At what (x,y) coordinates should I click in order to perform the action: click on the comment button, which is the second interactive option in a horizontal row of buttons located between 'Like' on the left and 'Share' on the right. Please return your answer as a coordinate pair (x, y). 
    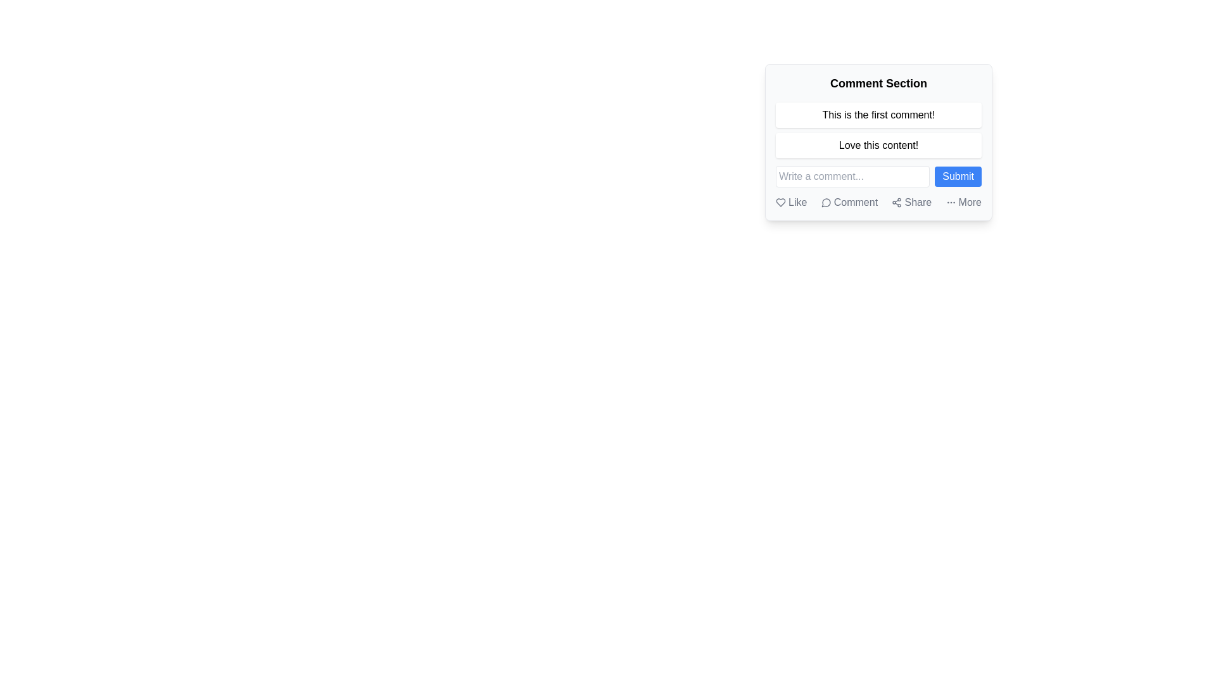
    Looking at the image, I should click on (849, 202).